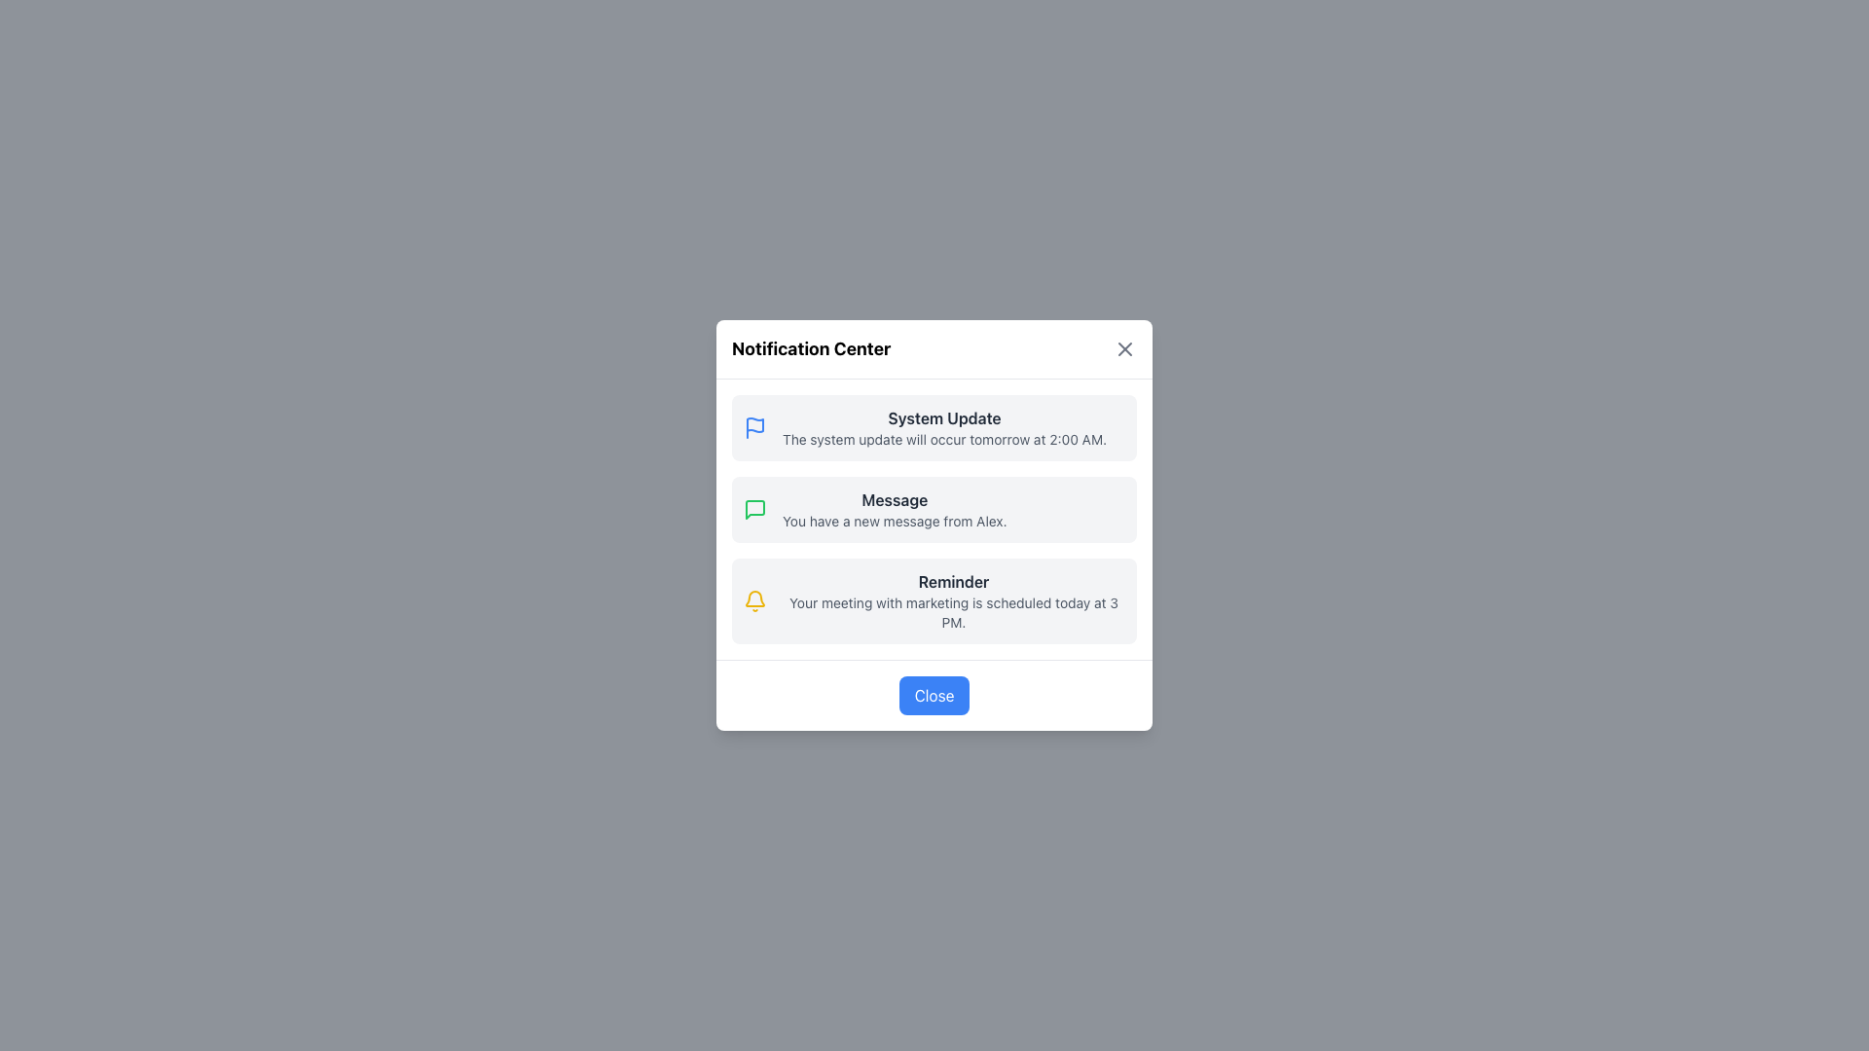 This screenshot has width=1869, height=1051. What do you see at coordinates (944, 417) in the screenshot?
I see `the 'System Update' text label, which is prominently displayed in bold dark gray font inside the Notification Center dialog box, above the descriptive text about the system update` at bounding box center [944, 417].